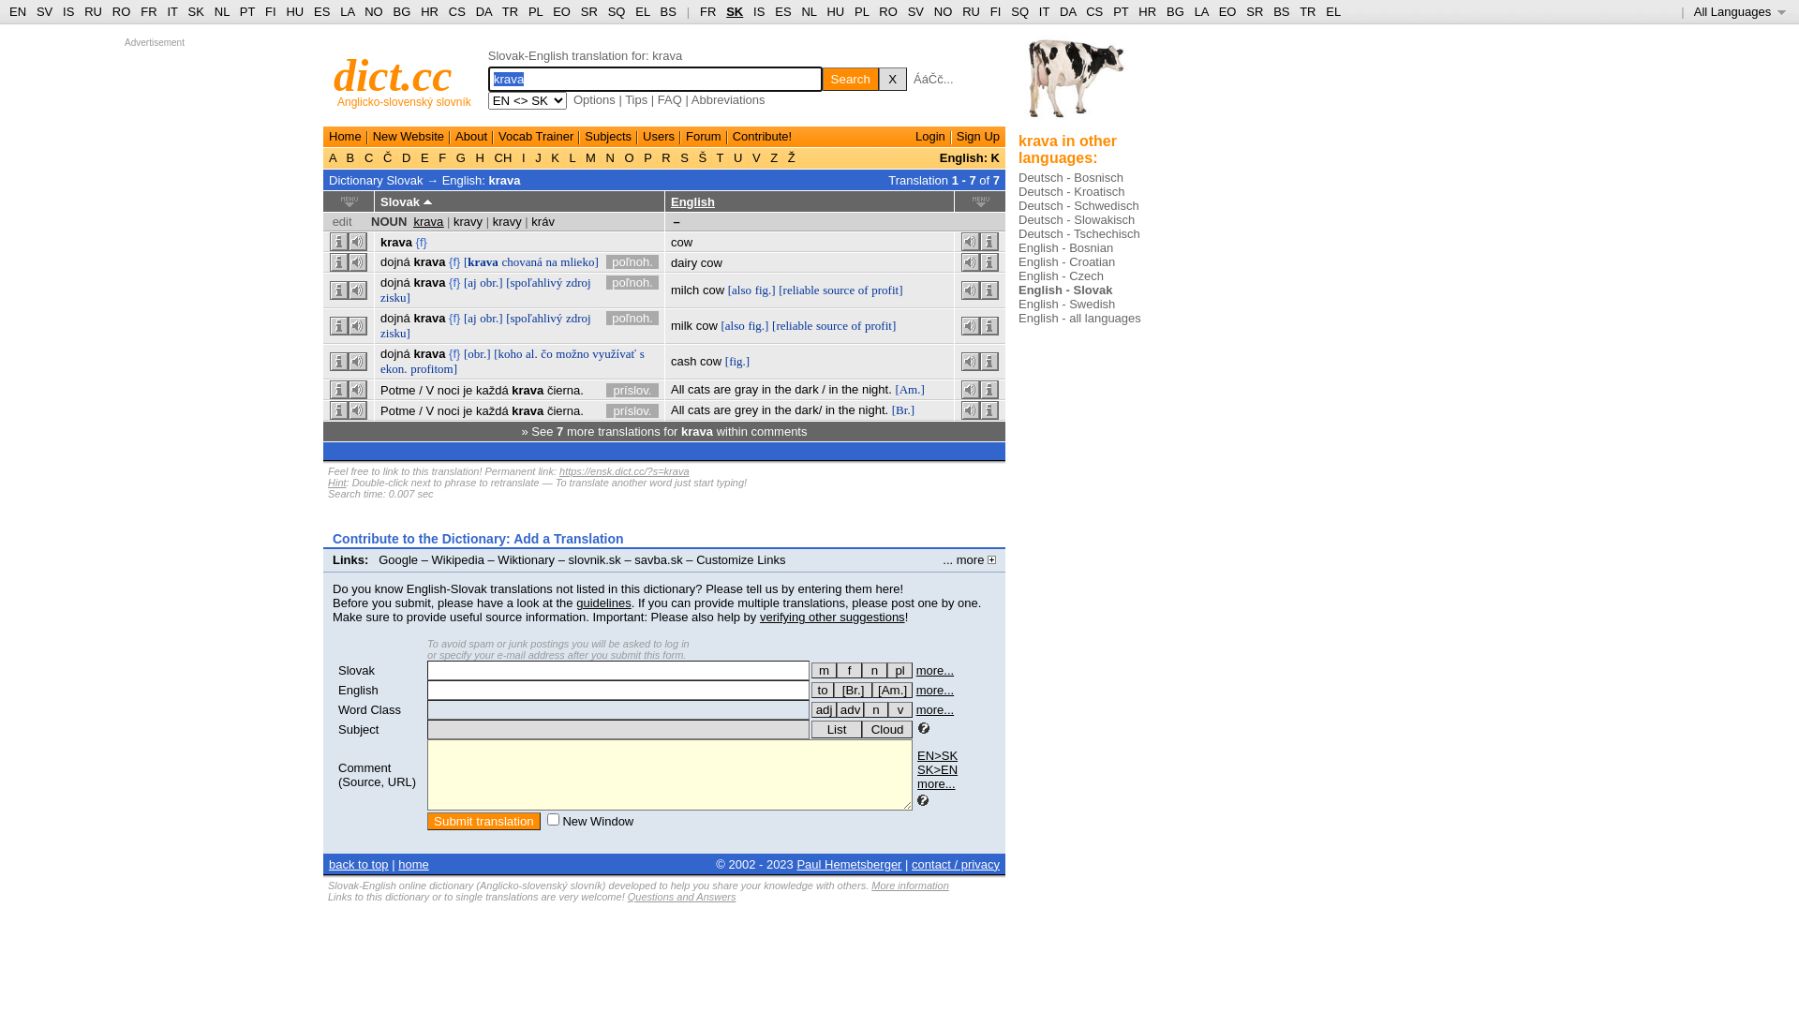  I want to click on 'Home', so click(345, 135).